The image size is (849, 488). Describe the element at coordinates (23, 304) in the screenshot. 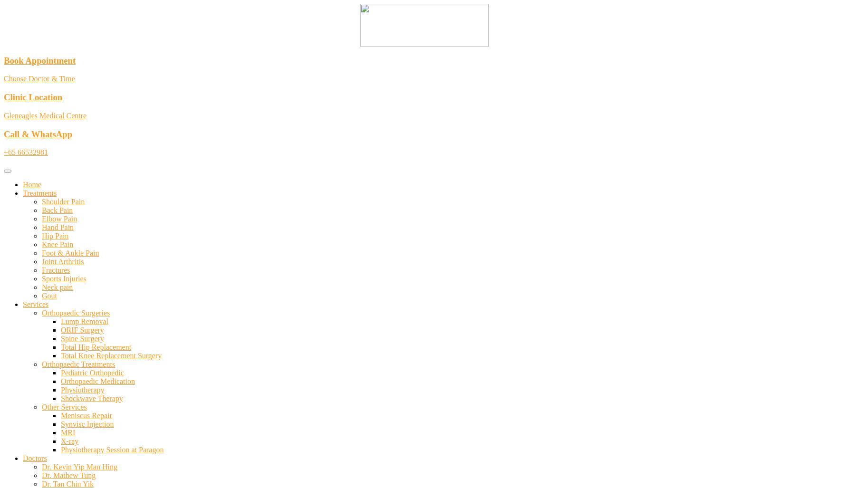

I see `'Services'` at that location.